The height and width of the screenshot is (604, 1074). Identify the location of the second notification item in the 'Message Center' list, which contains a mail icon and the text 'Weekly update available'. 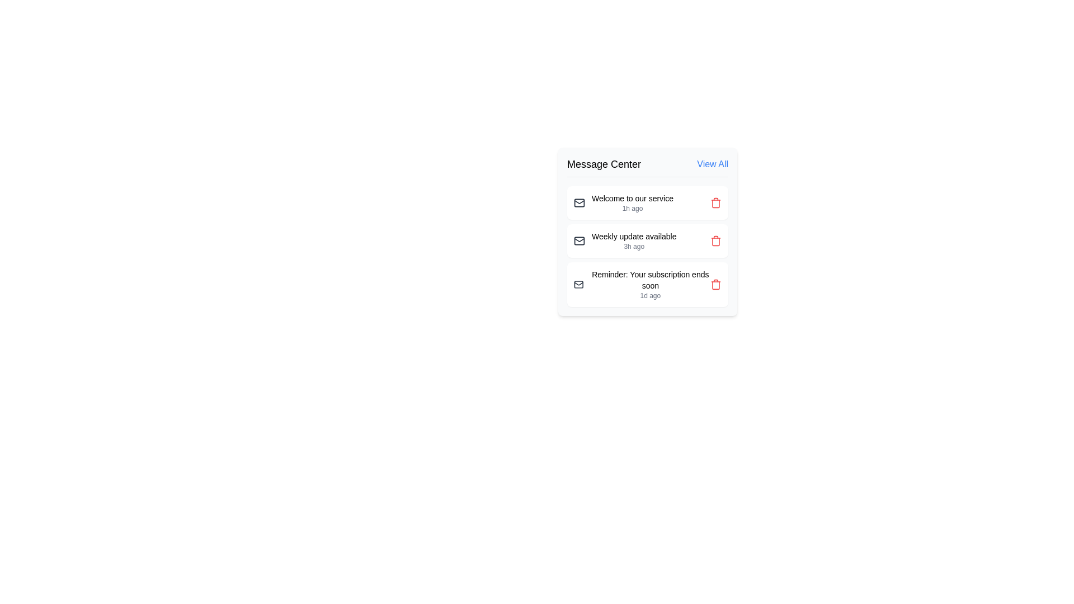
(624, 240).